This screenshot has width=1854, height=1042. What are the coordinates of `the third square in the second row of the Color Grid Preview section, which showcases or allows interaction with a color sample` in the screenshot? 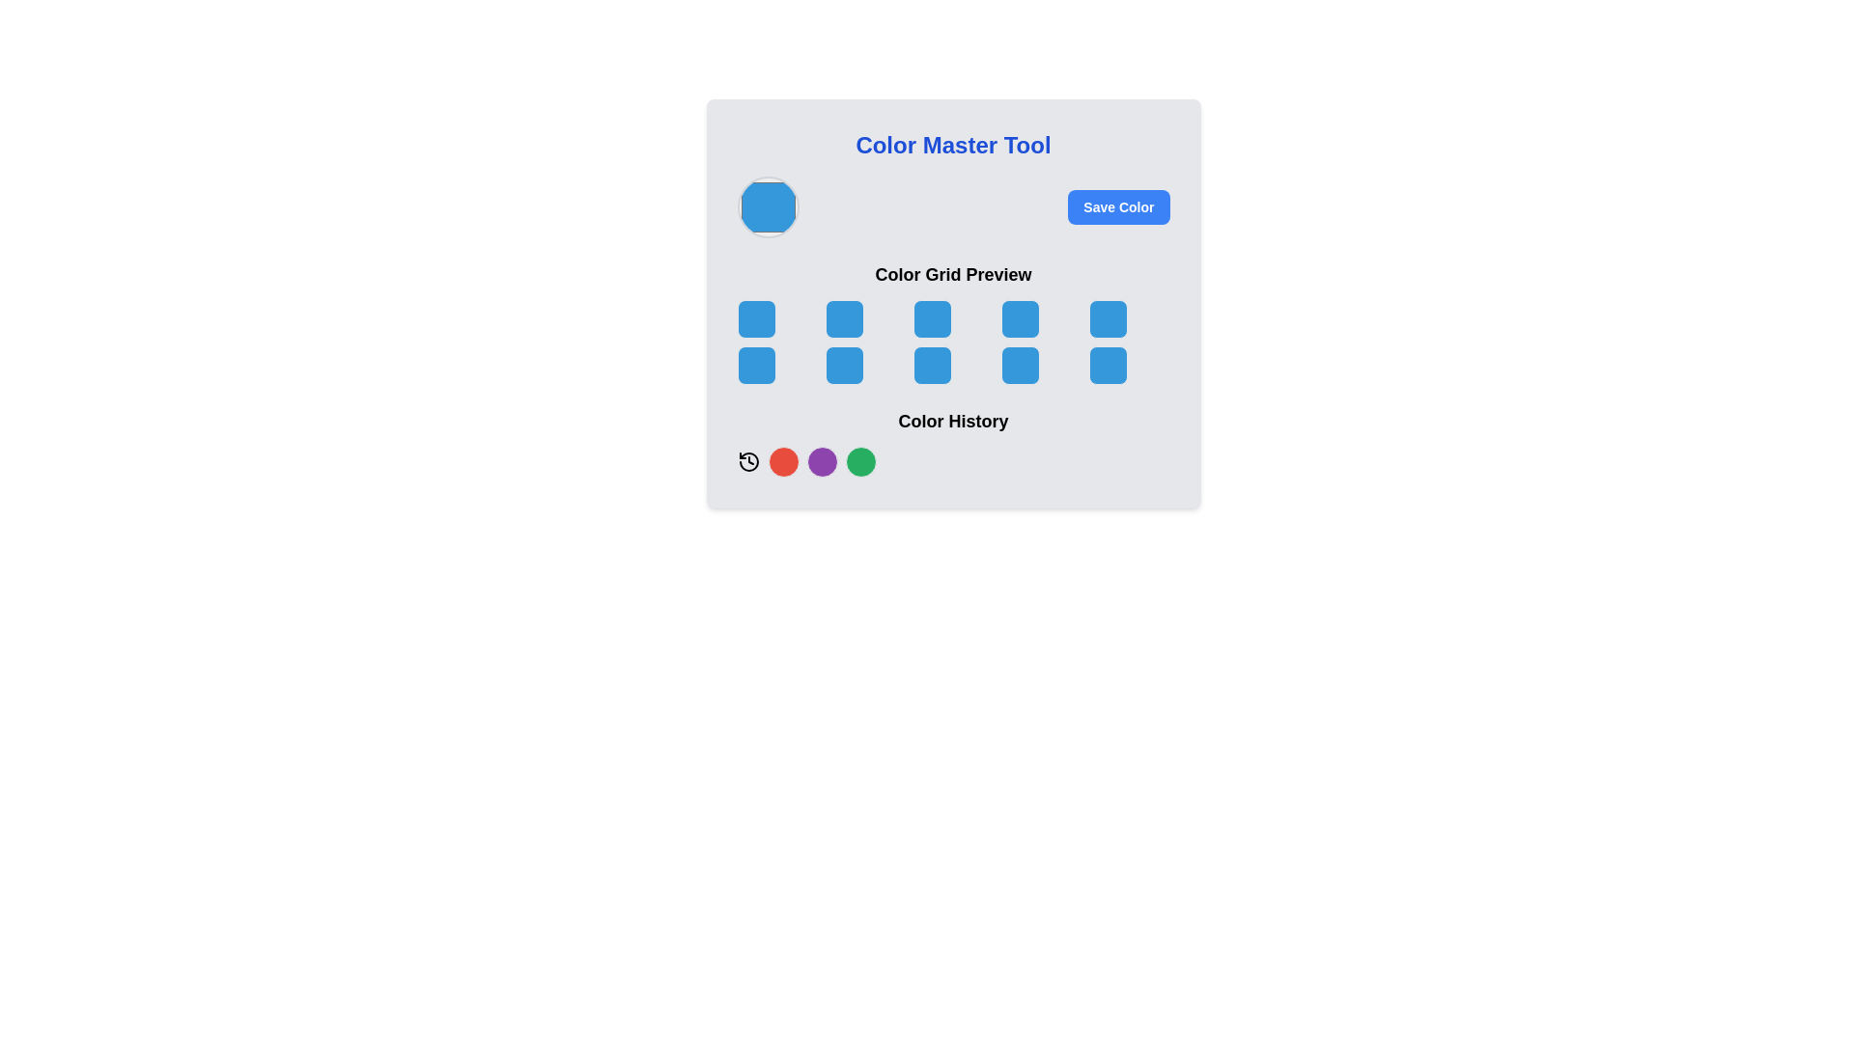 It's located at (932, 365).